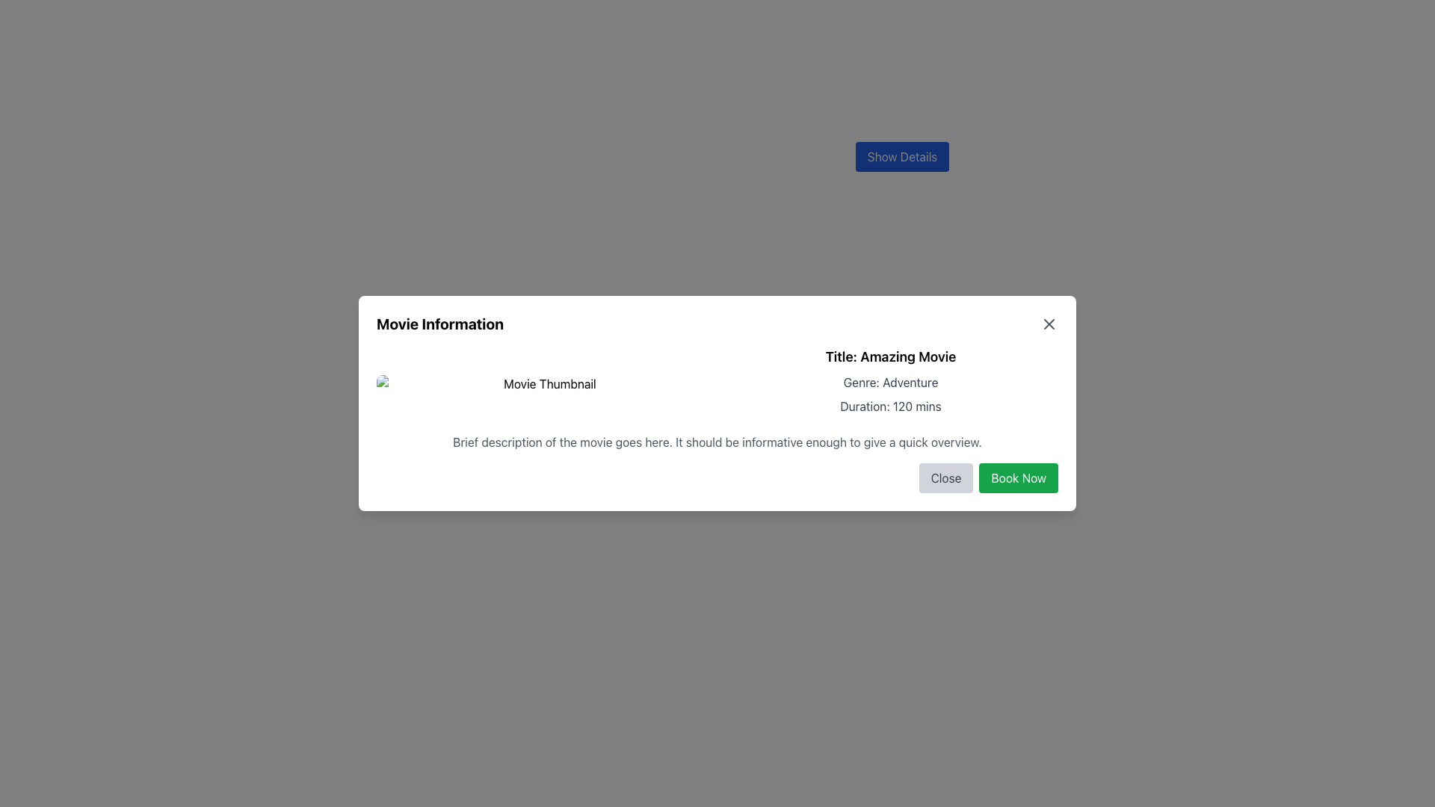  What do you see at coordinates (890, 406) in the screenshot?
I see `the text label displaying the movie duration, which is located beneath 'Genre: Adventure' and above the blank space in the movie details section` at bounding box center [890, 406].